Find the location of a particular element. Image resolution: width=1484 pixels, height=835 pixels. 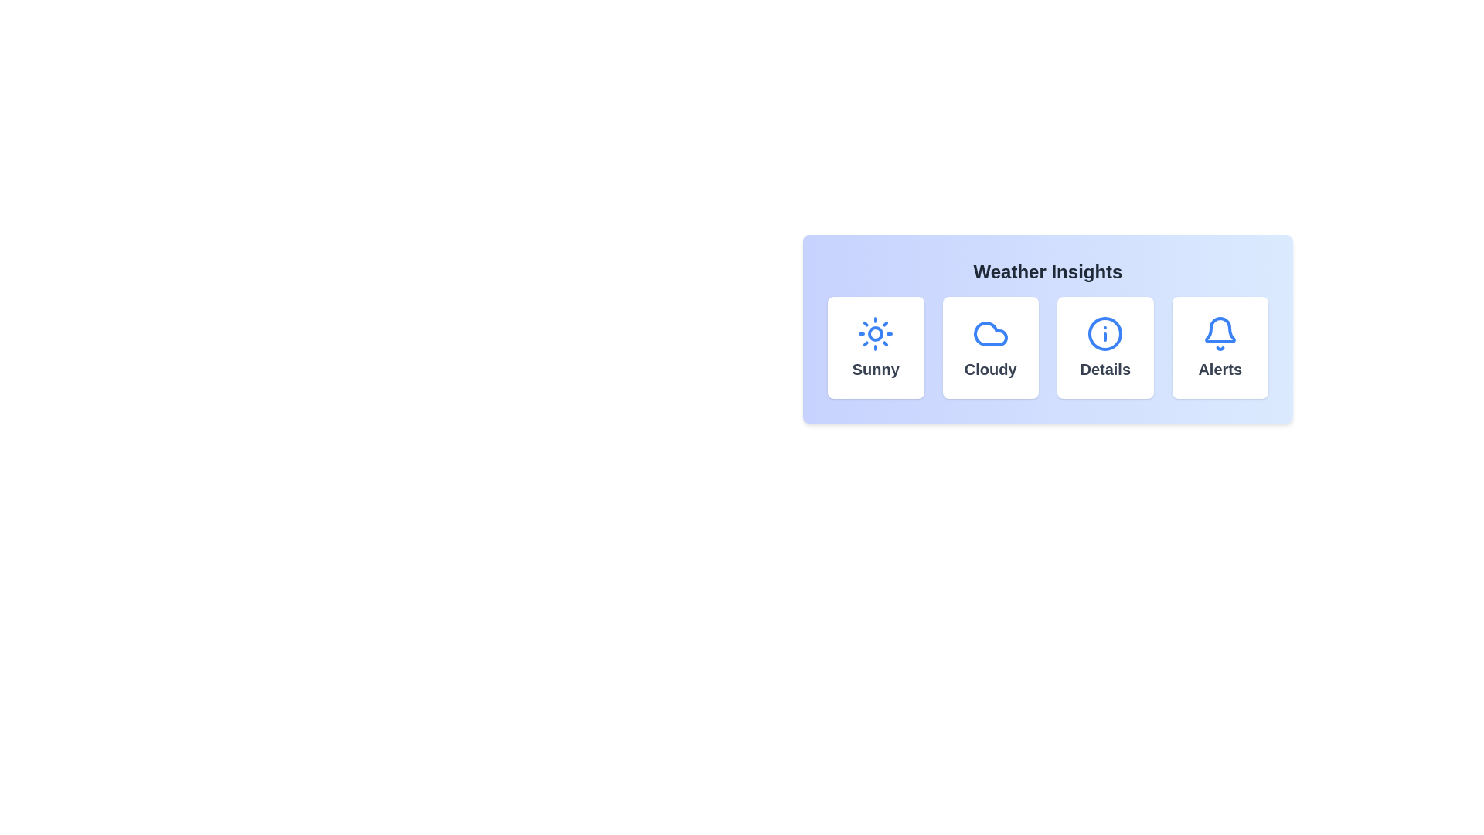

the Circle graphic, which serves as the core of the sun symbol in the Weather Insights section is located at coordinates (876, 333).